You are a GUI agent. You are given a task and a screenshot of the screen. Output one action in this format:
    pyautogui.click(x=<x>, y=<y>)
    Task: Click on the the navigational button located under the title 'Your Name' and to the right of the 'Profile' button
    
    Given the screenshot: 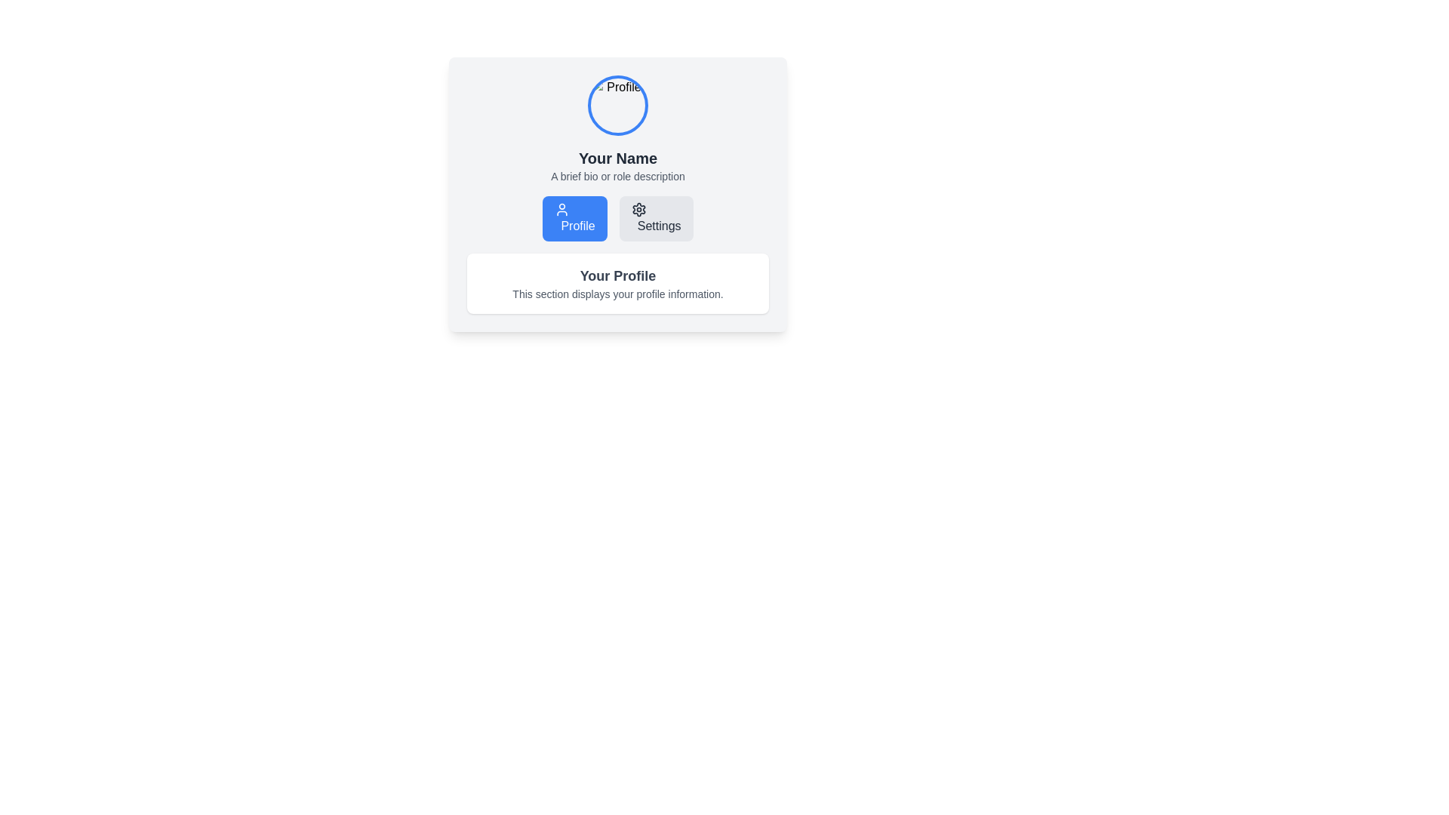 What is the action you would take?
    pyautogui.click(x=656, y=218)
    